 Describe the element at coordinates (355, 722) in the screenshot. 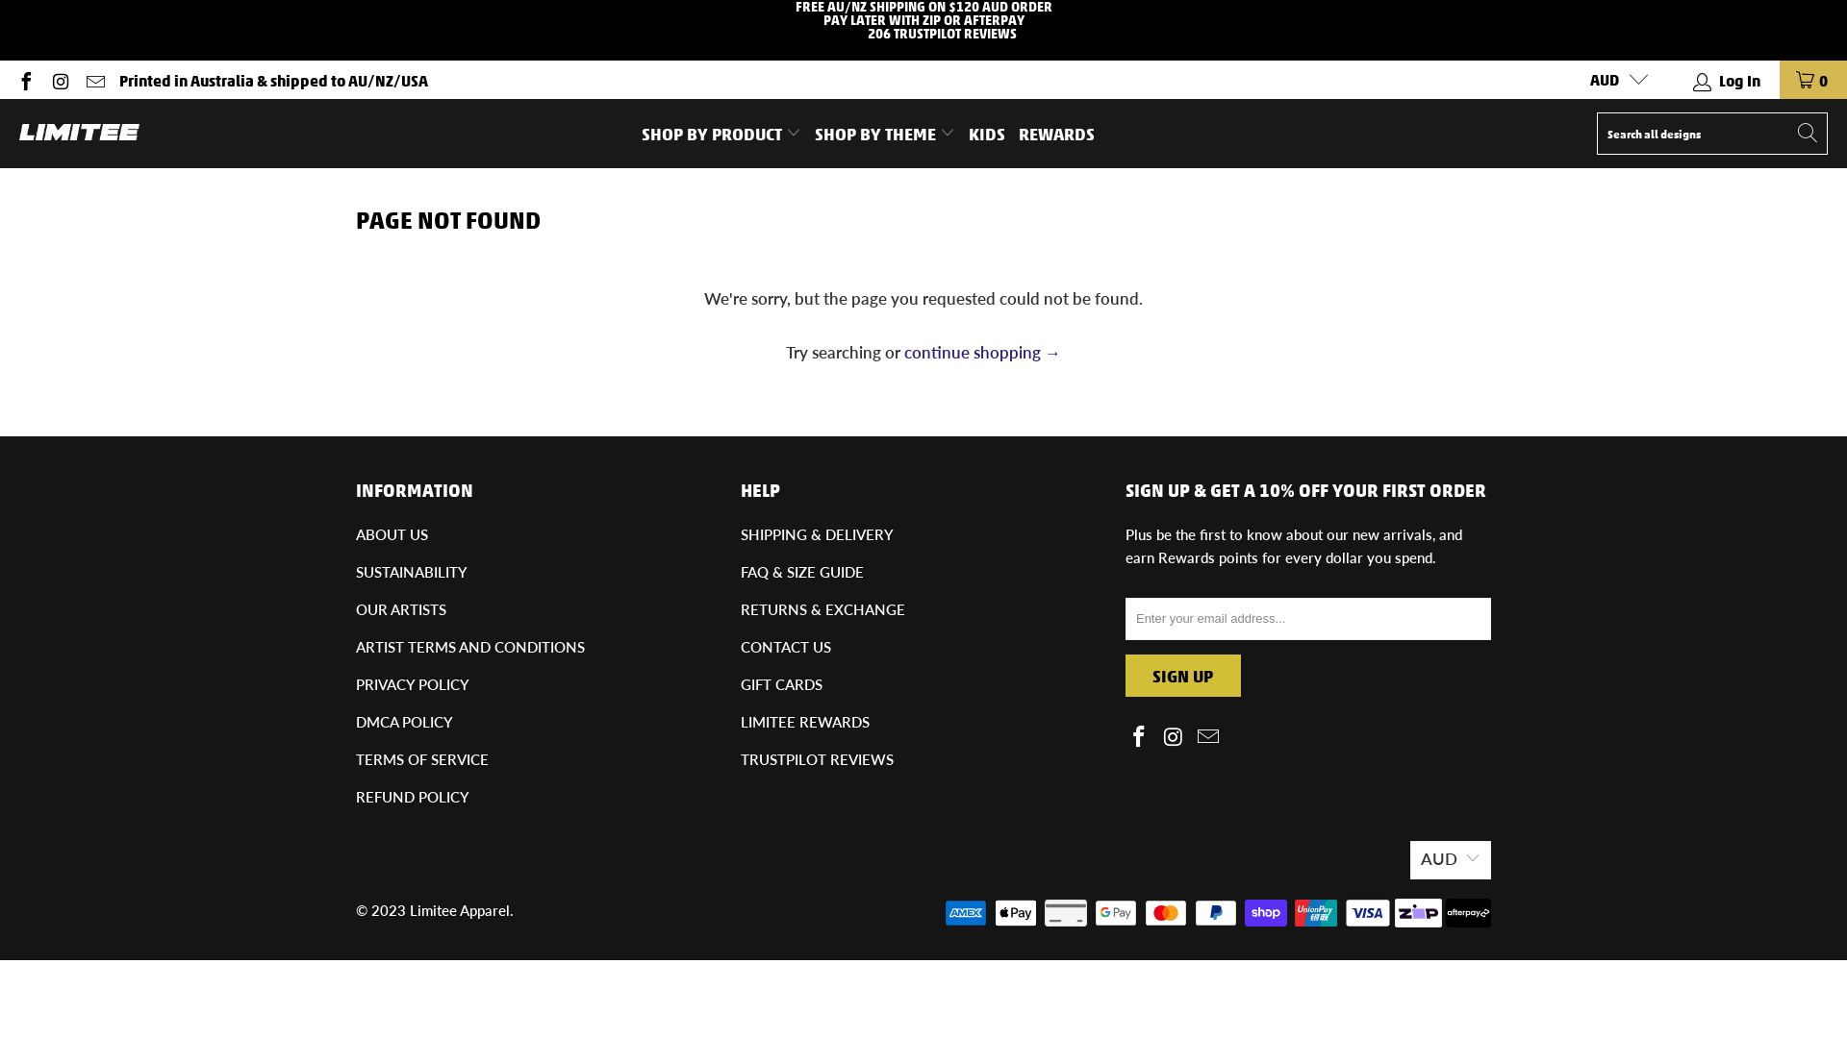

I see `'DMCA POLICY'` at that location.